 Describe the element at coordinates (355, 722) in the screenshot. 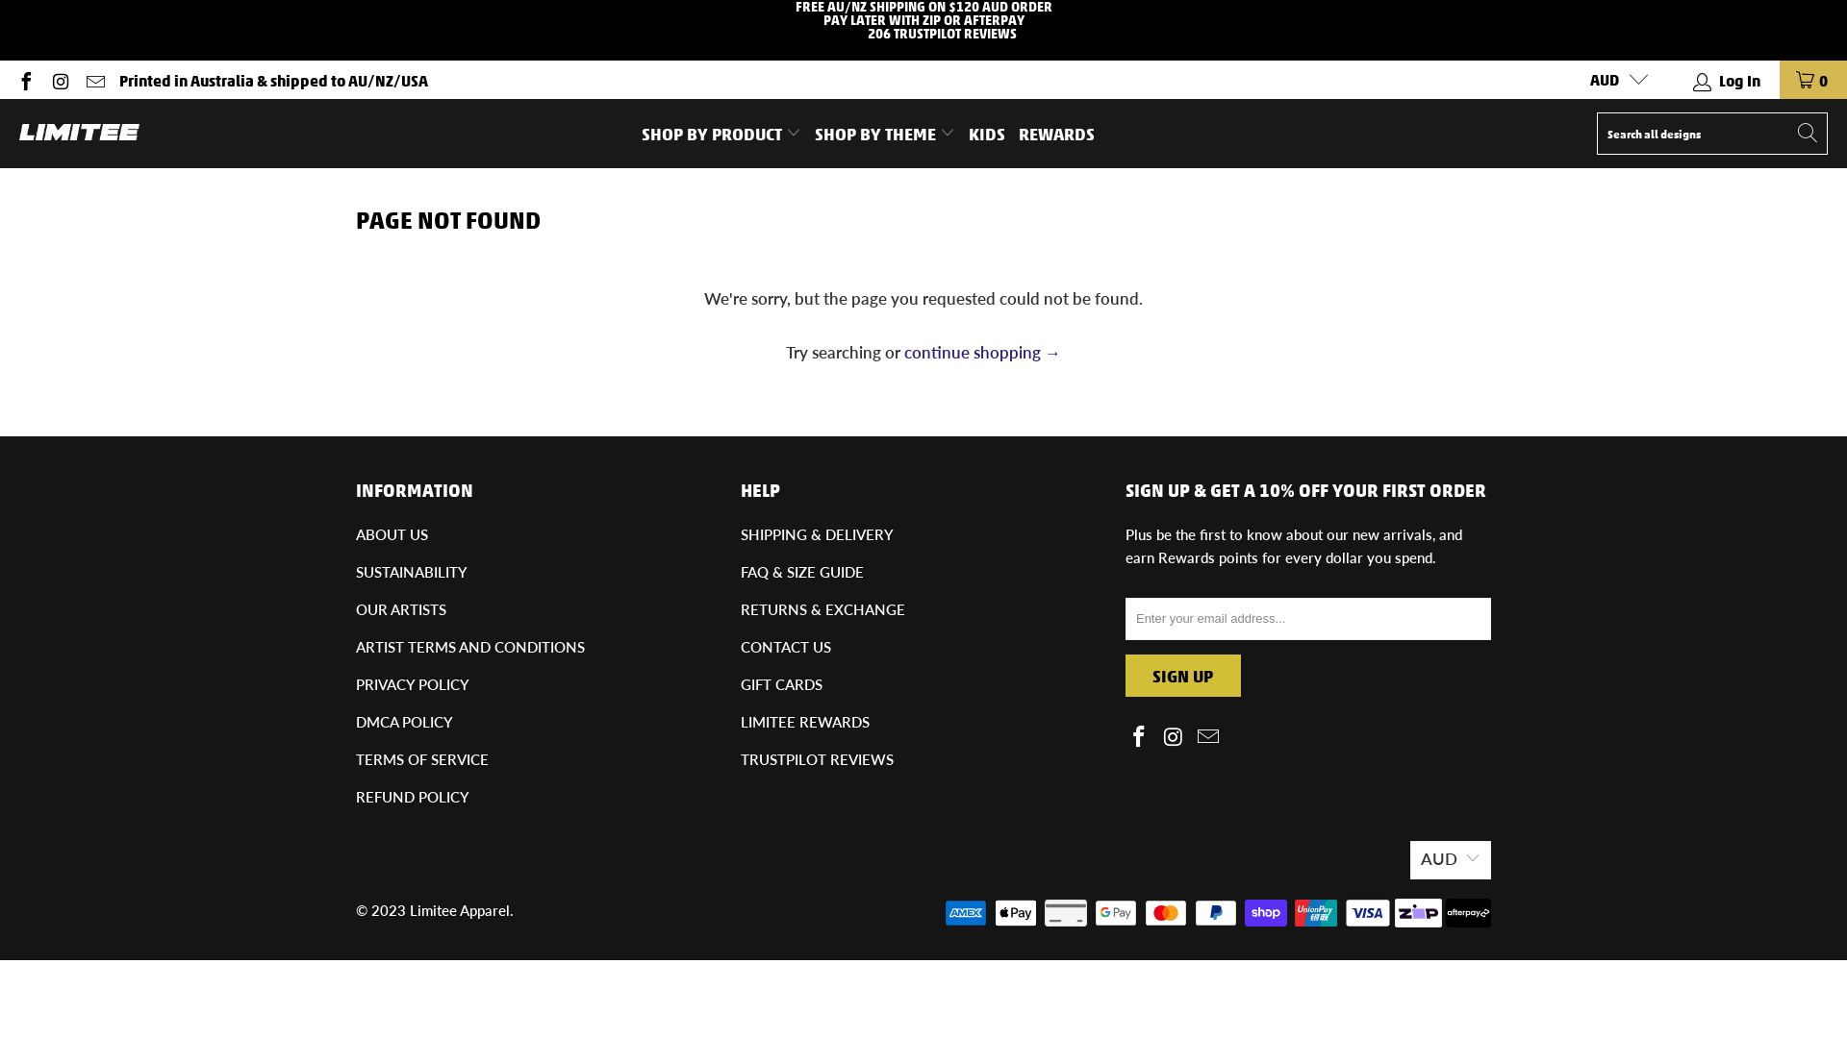

I see `'DMCA POLICY'` at that location.